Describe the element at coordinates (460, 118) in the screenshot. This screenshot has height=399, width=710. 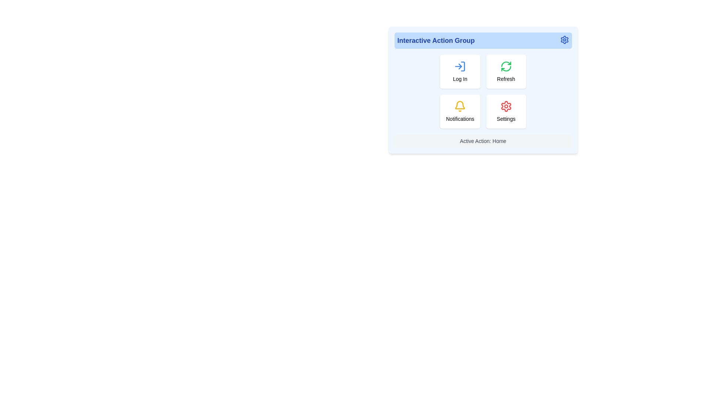
I see `the 'Notifications' text label located below the yellow bell icon in the second row and first column of the interactive action group` at that location.